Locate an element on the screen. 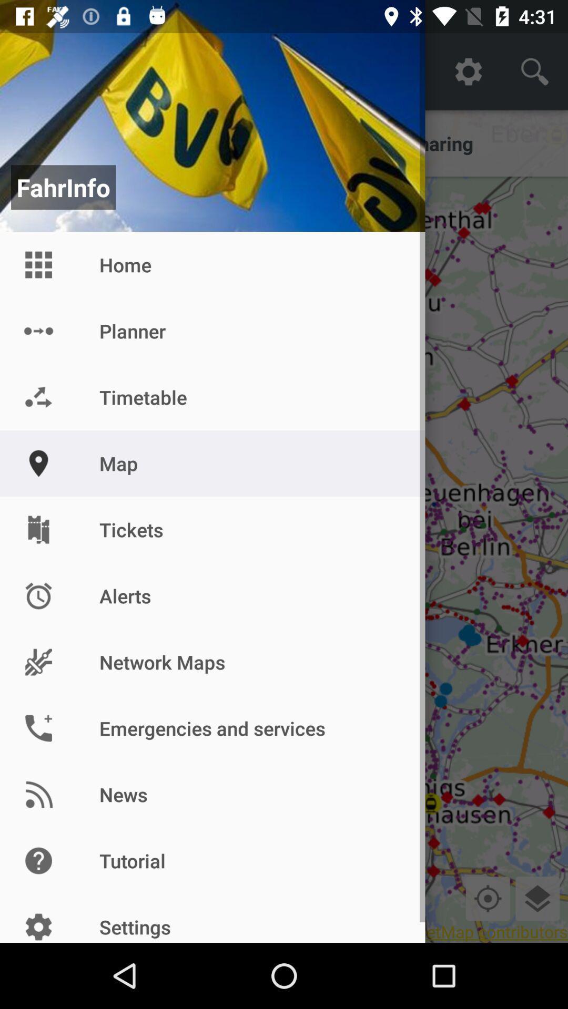  the layers icon is located at coordinates (537, 898).